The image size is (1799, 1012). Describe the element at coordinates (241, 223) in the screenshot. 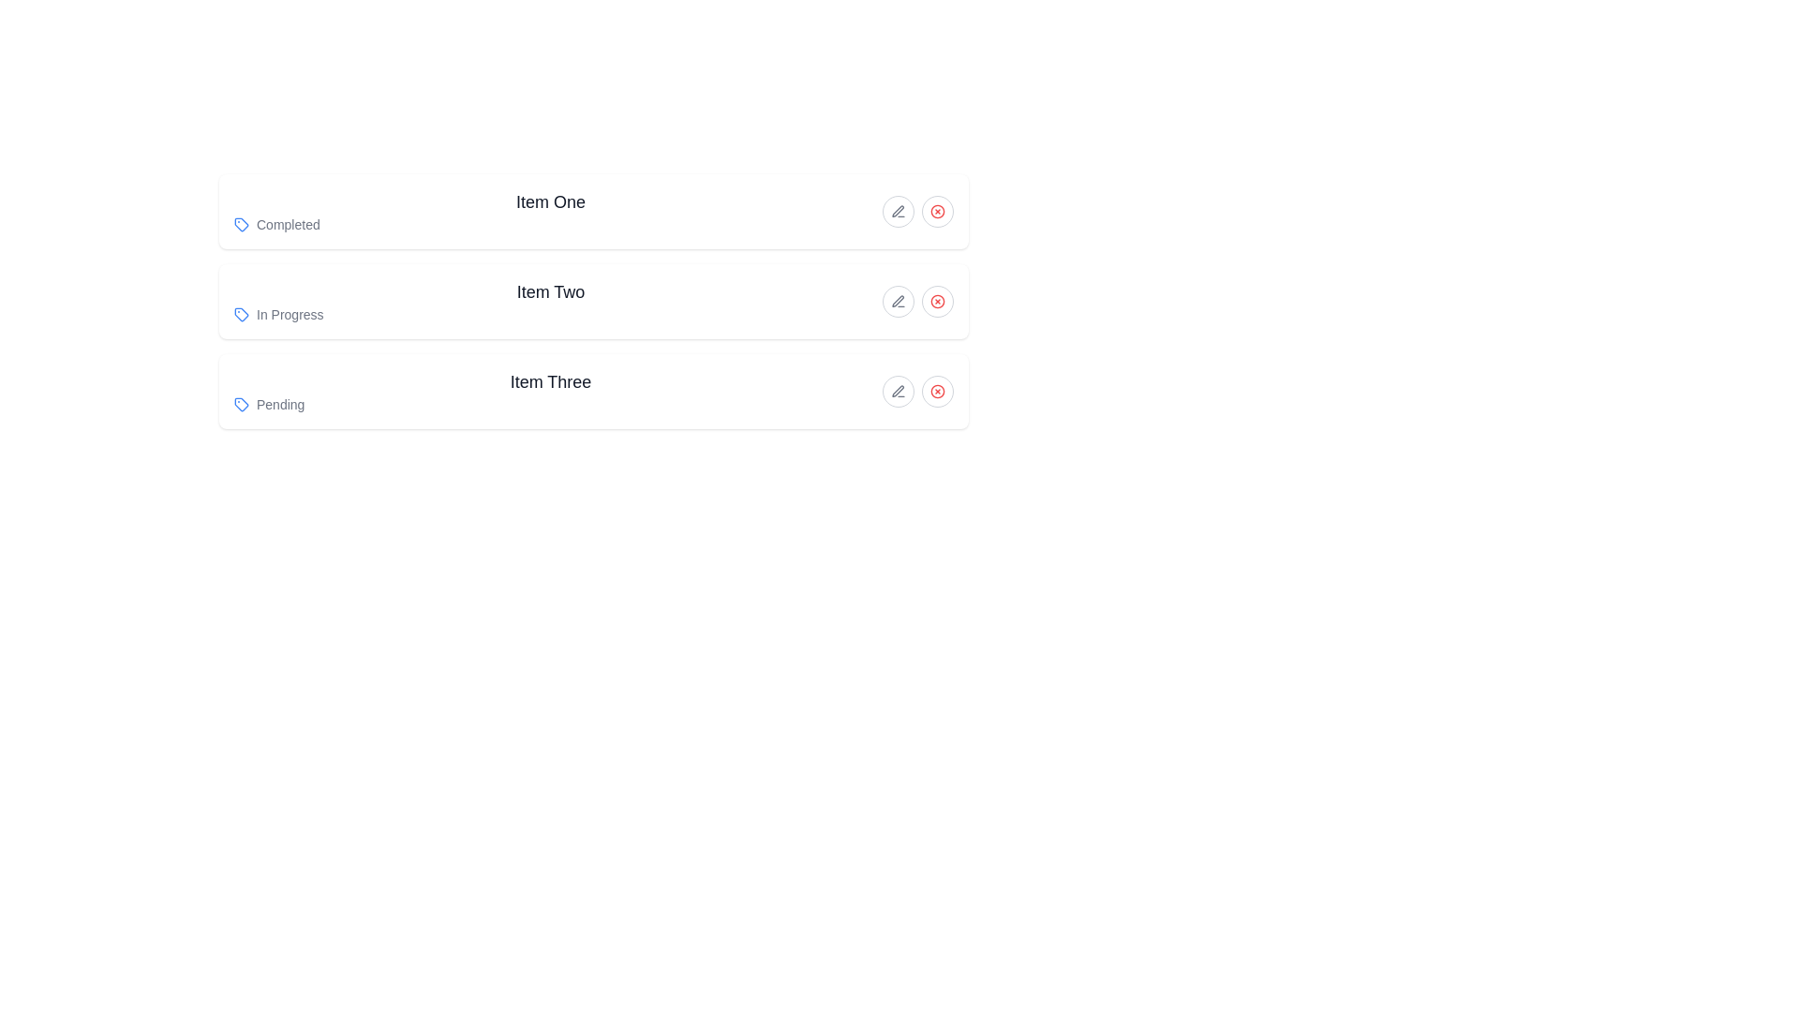

I see `the SVG element forming part of the blue tag-like icon indicating the status 'Completed', located in the first row of a list adjacent to the text 'Completed'` at that location.